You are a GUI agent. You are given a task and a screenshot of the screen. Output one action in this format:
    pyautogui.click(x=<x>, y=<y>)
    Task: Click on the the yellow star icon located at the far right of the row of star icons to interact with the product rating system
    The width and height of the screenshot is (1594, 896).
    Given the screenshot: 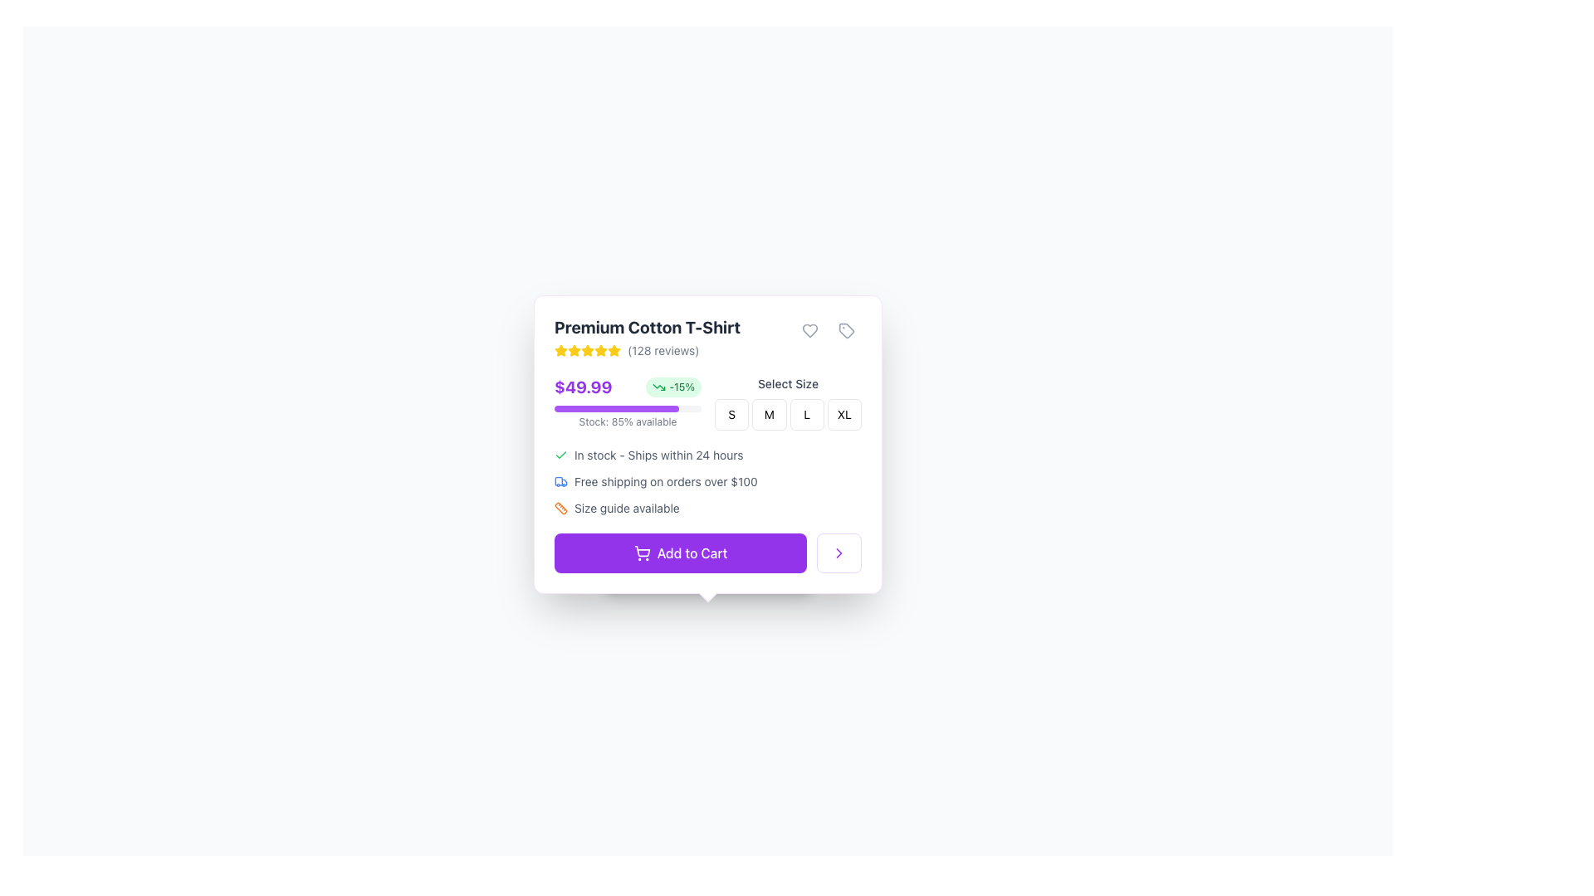 What is the action you would take?
    pyautogui.click(x=613, y=350)
    